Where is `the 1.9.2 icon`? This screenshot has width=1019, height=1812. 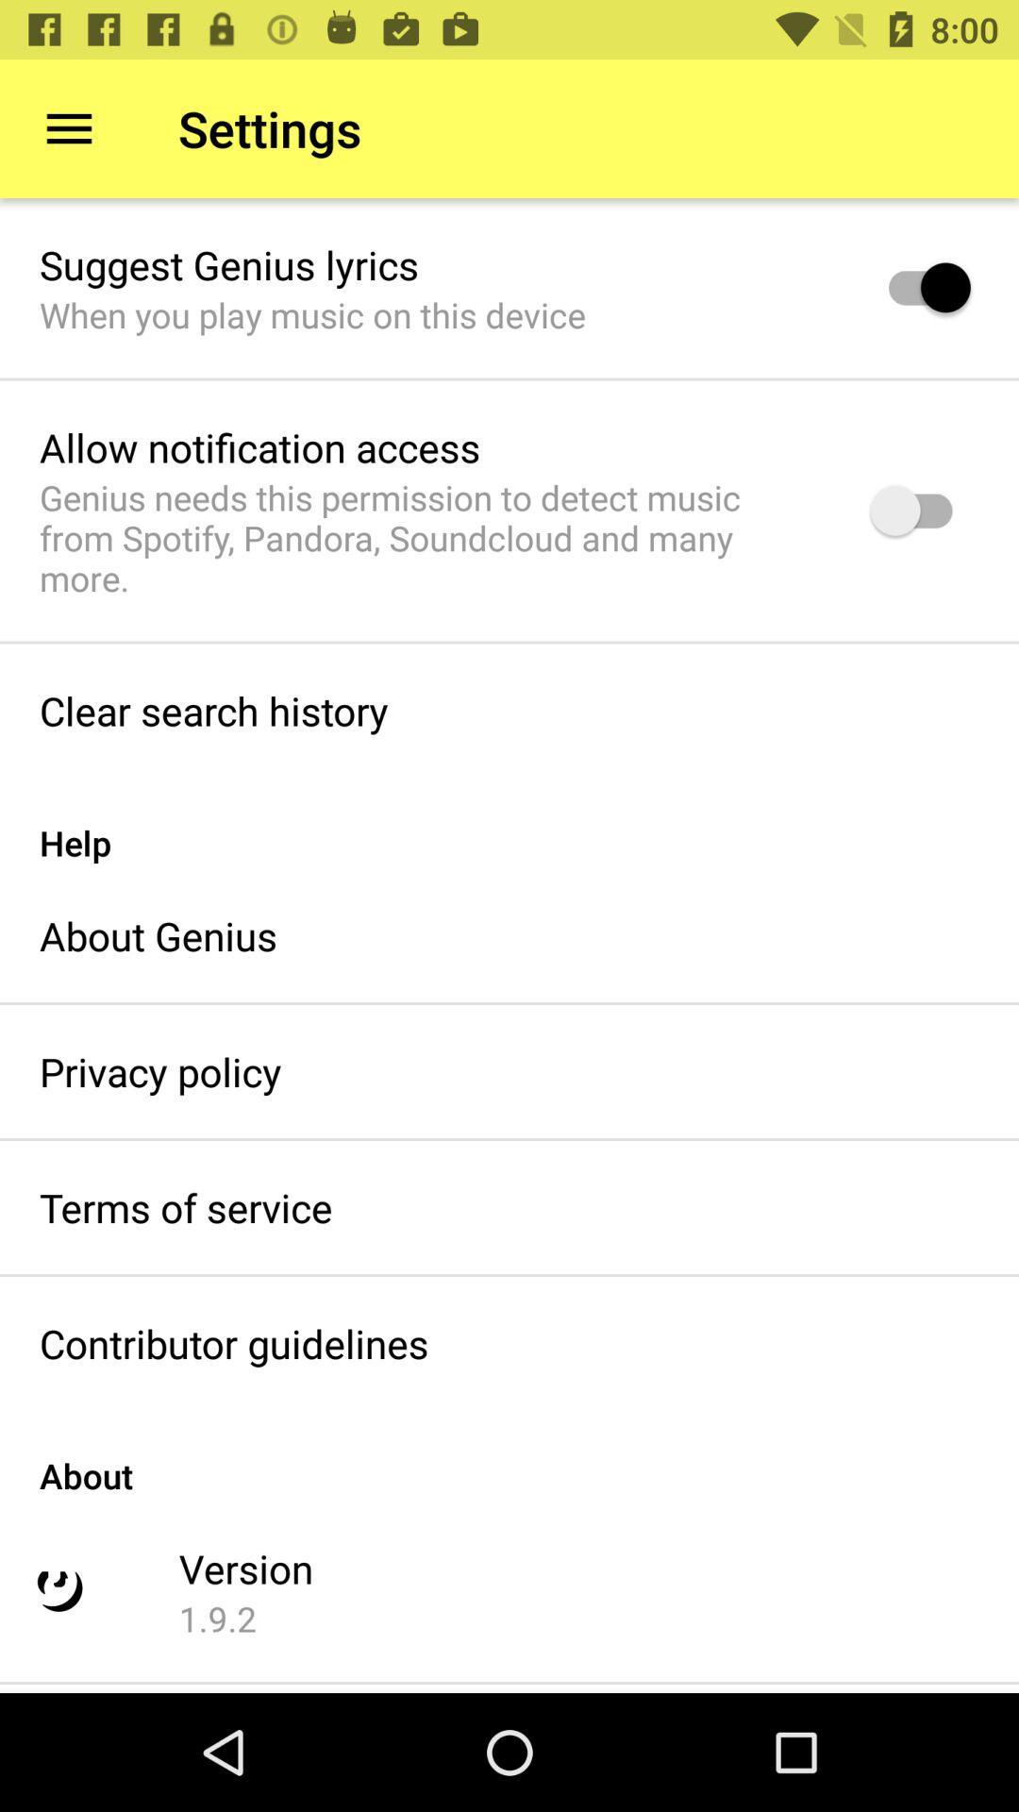
the 1.9.2 icon is located at coordinates (217, 1618).